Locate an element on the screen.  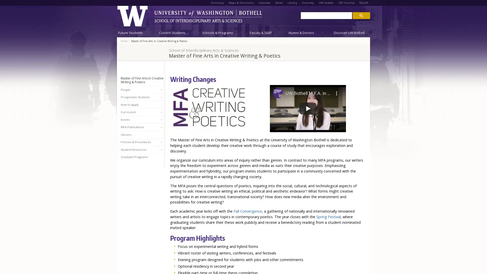
Student Resources Submenu is located at coordinates (161, 149).